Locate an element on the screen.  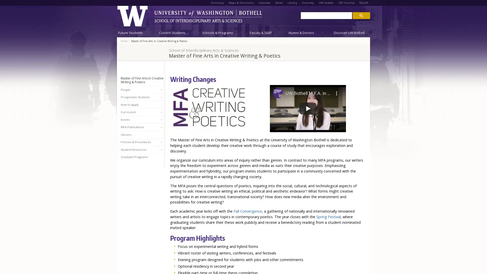
Student Resources Submenu is located at coordinates (161, 149).